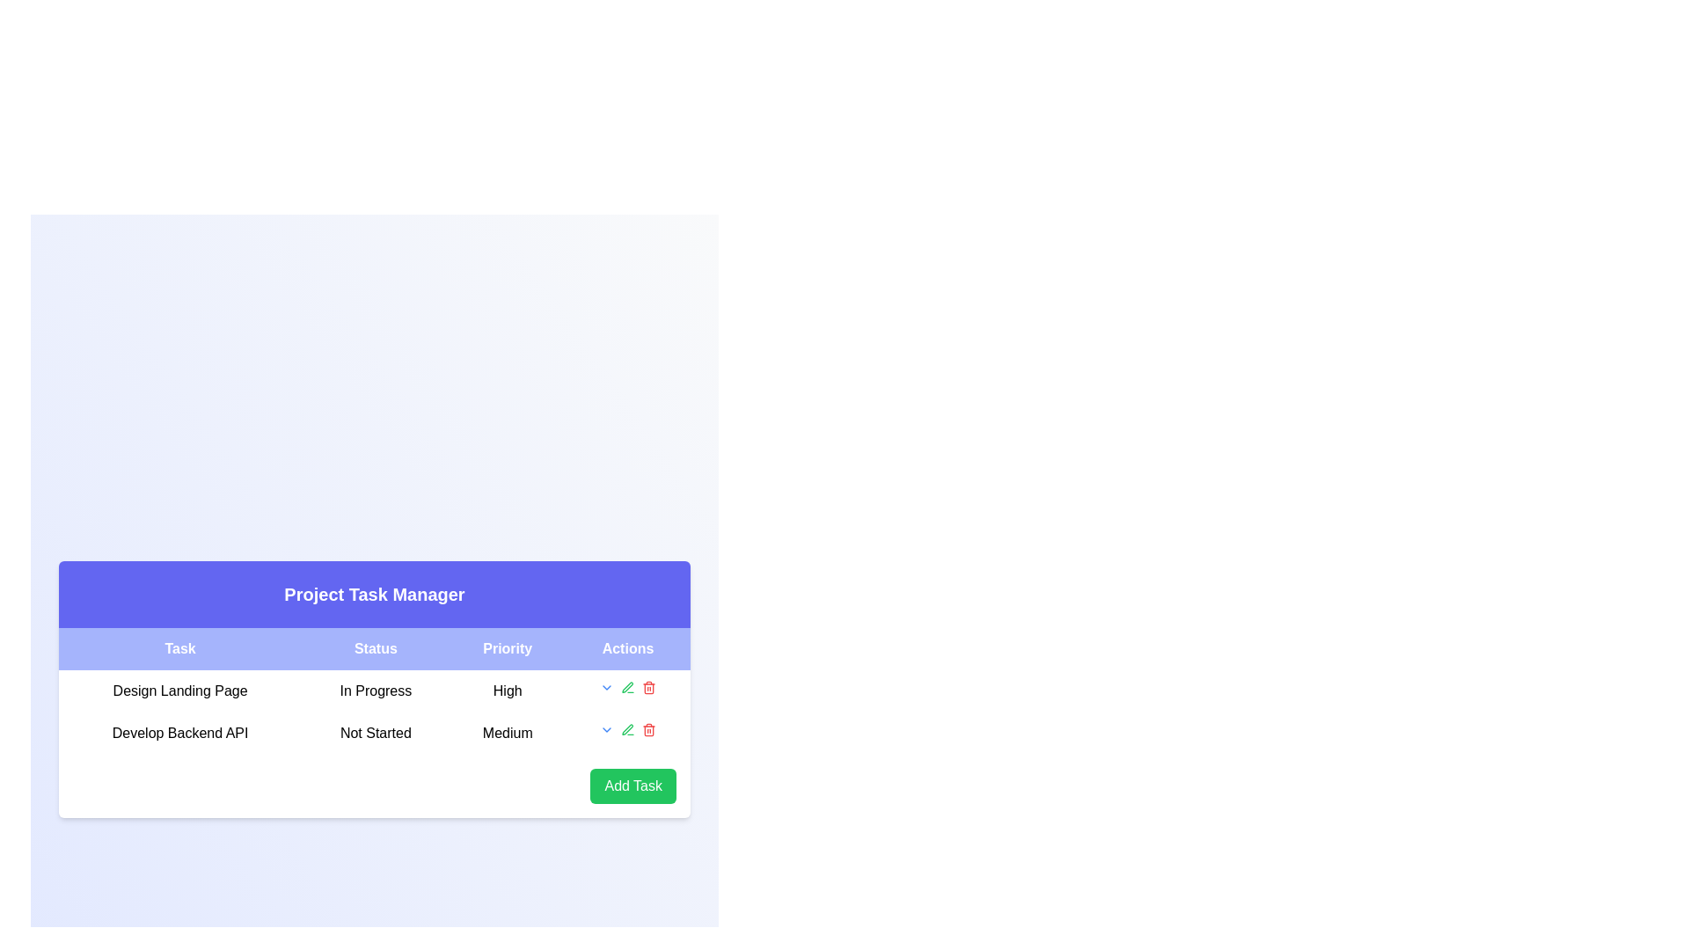  What do you see at coordinates (607, 687) in the screenshot?
I see `the chevron-down icon that expands or provides additional options related to the first task under the 'Actions' column` at bounding box center [607, 687].